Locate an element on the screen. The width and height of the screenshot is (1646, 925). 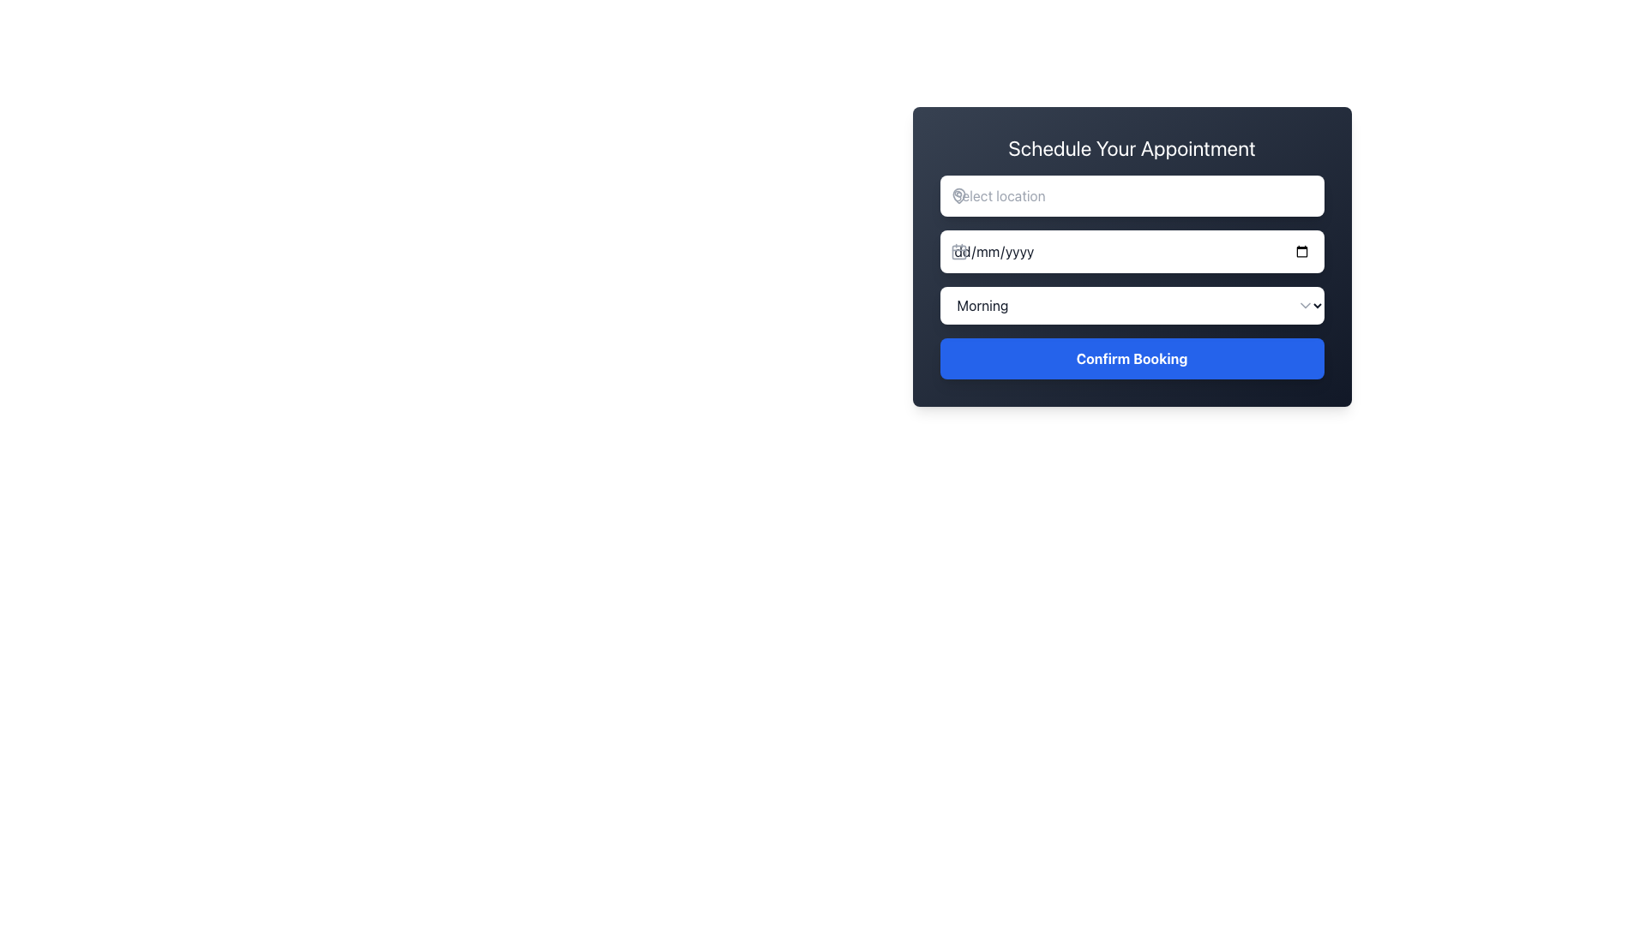
the calendar icon component located in the lower center region of the date input field, which overlays the placeholder 'dd/mm/yyyy' is located at coordinates (958, 252).